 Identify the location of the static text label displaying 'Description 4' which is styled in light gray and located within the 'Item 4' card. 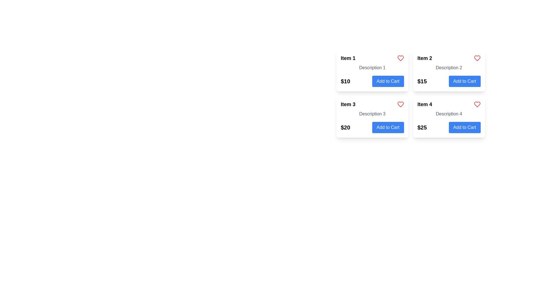
(449, 114).